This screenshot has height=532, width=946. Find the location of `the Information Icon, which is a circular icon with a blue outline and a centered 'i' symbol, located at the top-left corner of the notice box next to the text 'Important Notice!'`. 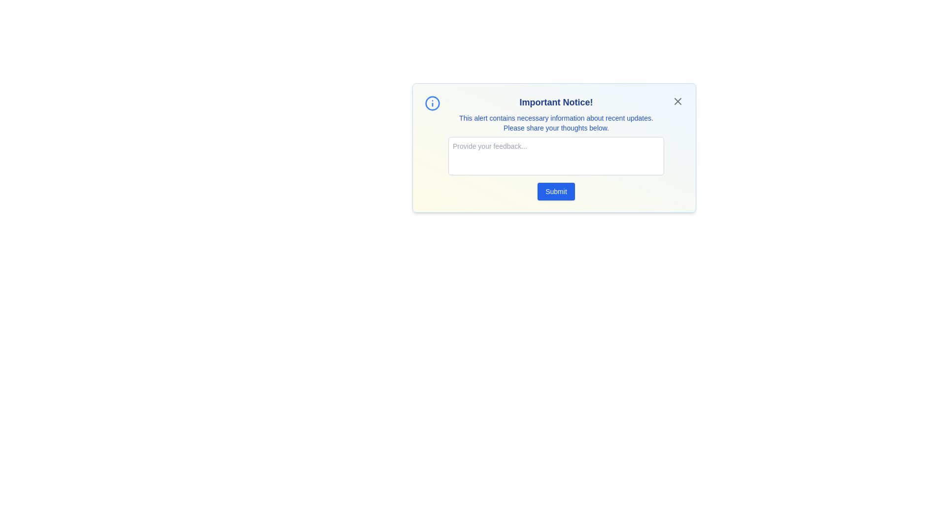

the Information Icon, which is a circular icon with a blue outline and a centered 'i' symbol, located at the top-left corner of the notice box next to the text 'Important Notice!' is located at coordinates (433, 103).